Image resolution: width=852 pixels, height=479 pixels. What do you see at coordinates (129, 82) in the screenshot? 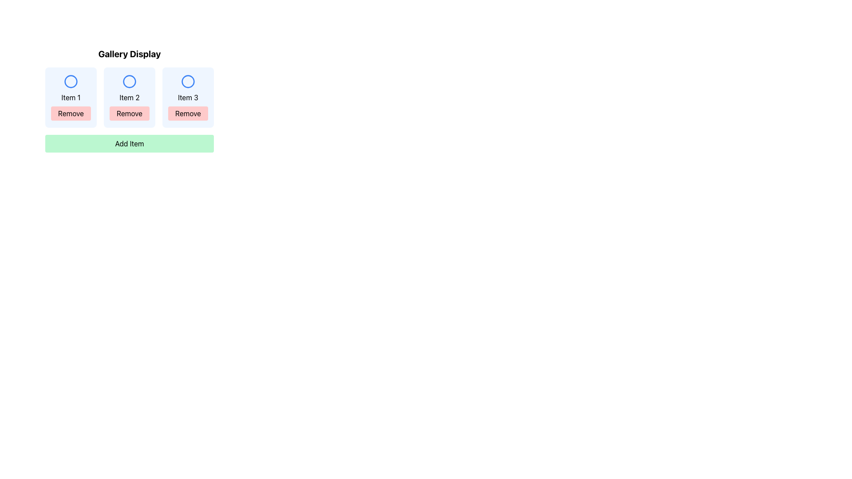
I see `the blue-bordered circular icon at the top-center of the 'Item 2' card` at bounding box center [129, 82].